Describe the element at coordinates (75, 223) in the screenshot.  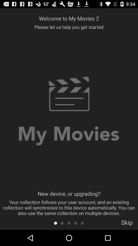
I see `a circle` at that location.